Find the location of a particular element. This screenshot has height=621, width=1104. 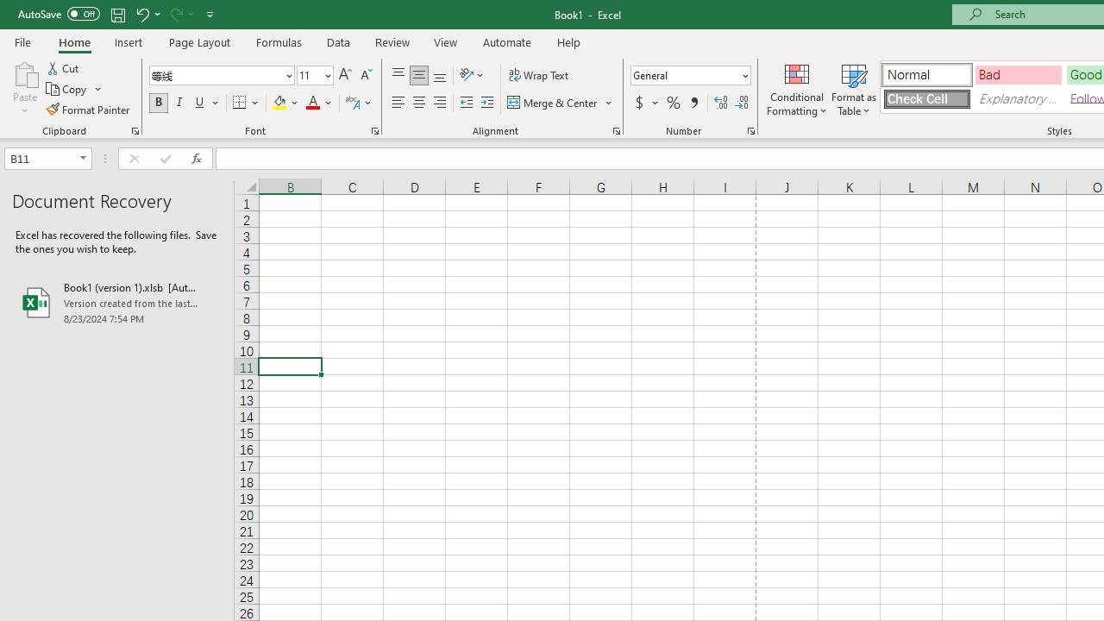

'Comma Style' is located at coordinates (694, 103).